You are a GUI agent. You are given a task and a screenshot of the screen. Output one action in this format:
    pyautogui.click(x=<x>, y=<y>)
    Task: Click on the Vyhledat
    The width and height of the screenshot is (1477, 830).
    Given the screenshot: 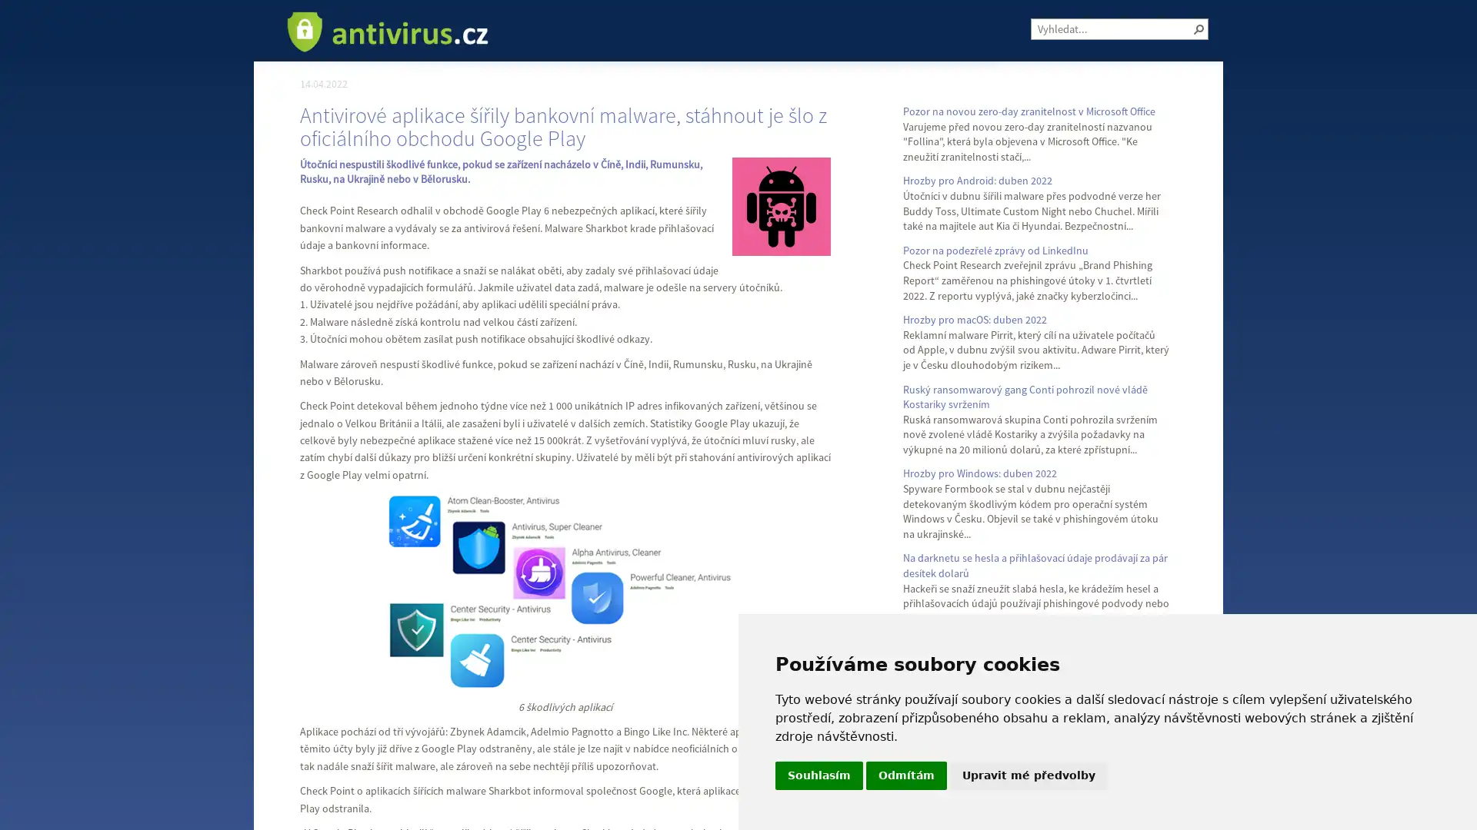 What is the action you would take?
    pyautogui.click(x=1199, y=29)
    